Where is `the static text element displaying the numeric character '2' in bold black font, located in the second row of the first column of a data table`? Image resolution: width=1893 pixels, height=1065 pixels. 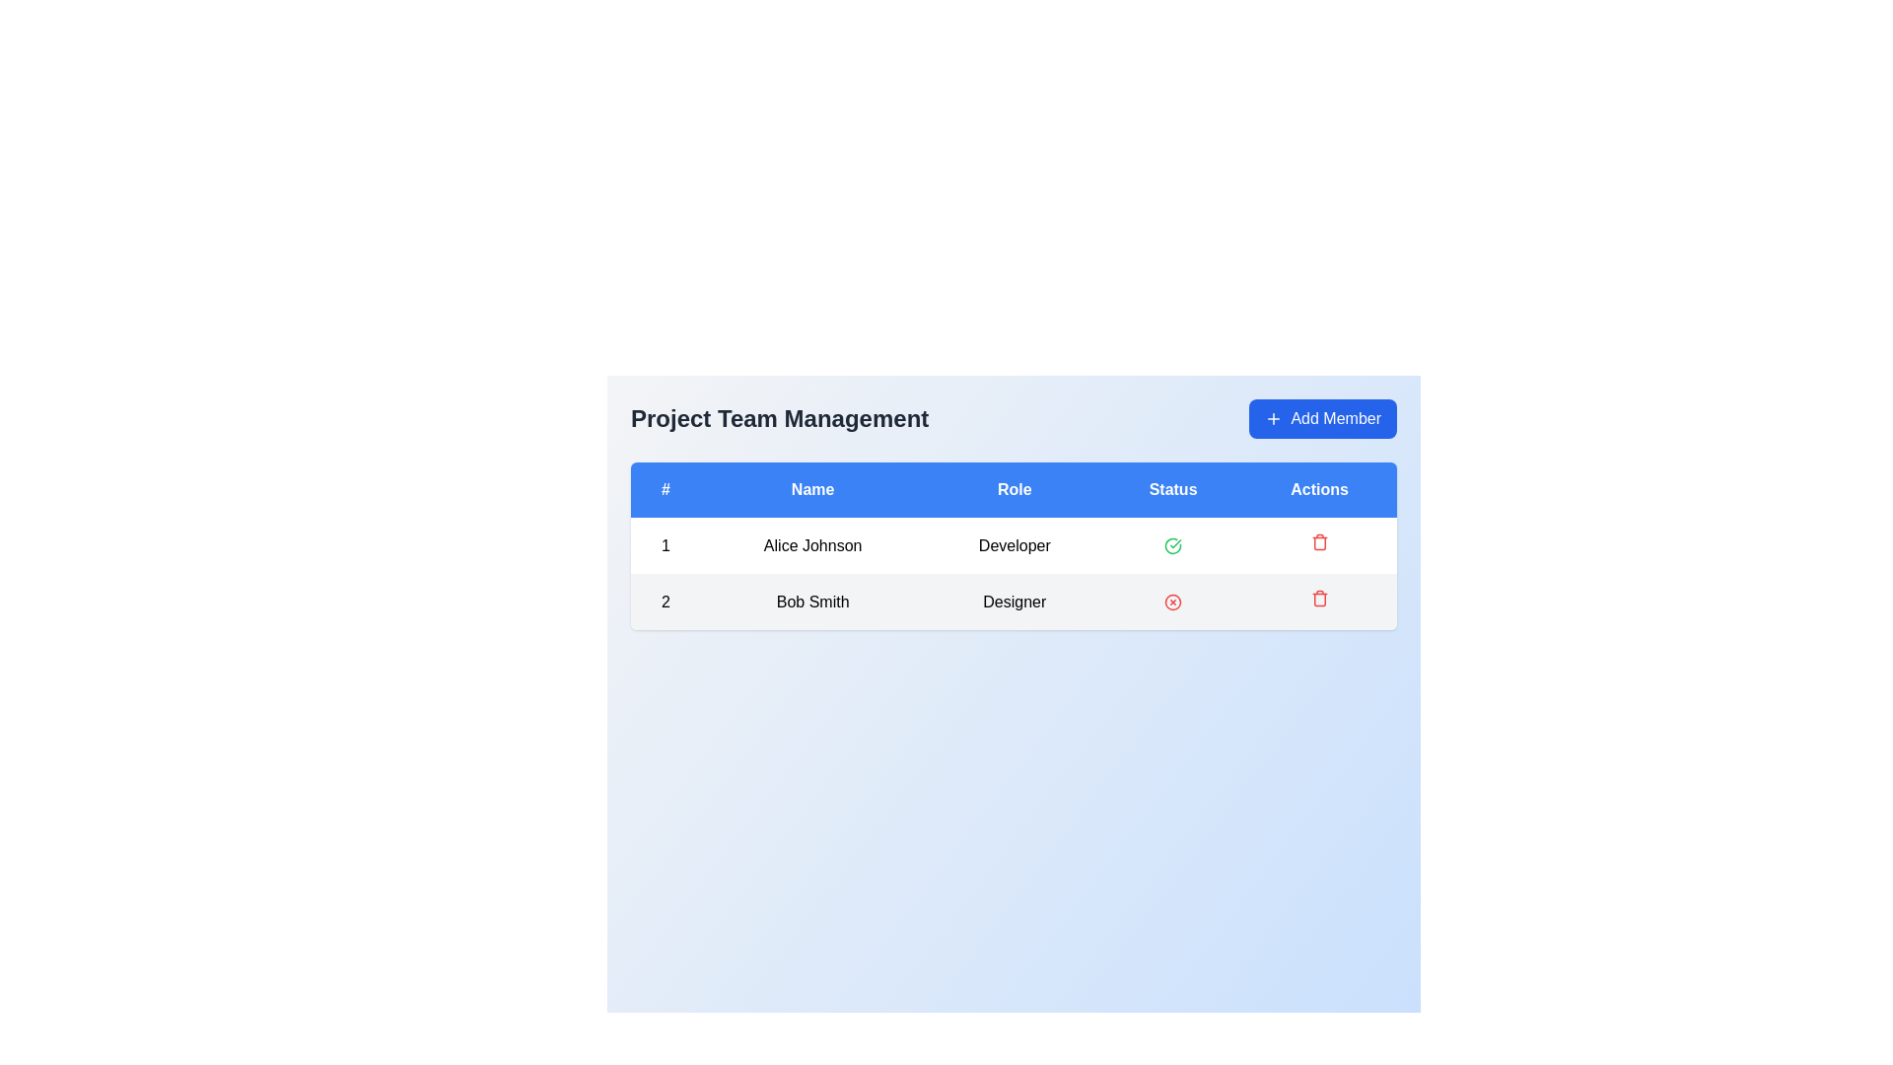 the static text element displaying the numeric character '2' in bold black font, located in the second row of the first column of a data table is located at coordinates (666, 601).